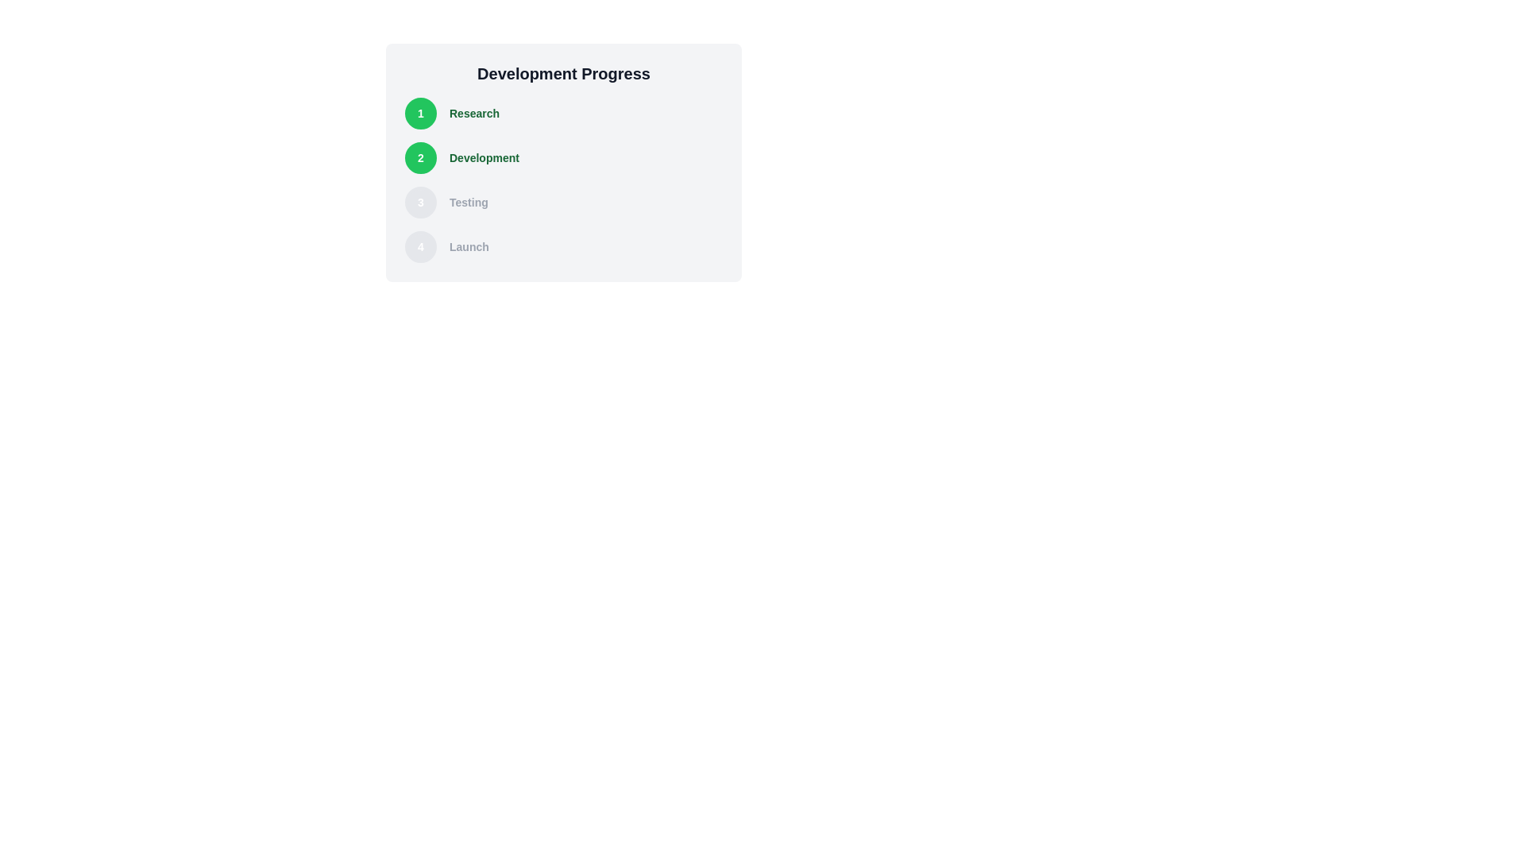 This screenshot has height=858, width=1525. I want to click on the 'Research' text label, which is a bold dark green label positioned next to the first step in the progress tracking interface, so click(473, 112).